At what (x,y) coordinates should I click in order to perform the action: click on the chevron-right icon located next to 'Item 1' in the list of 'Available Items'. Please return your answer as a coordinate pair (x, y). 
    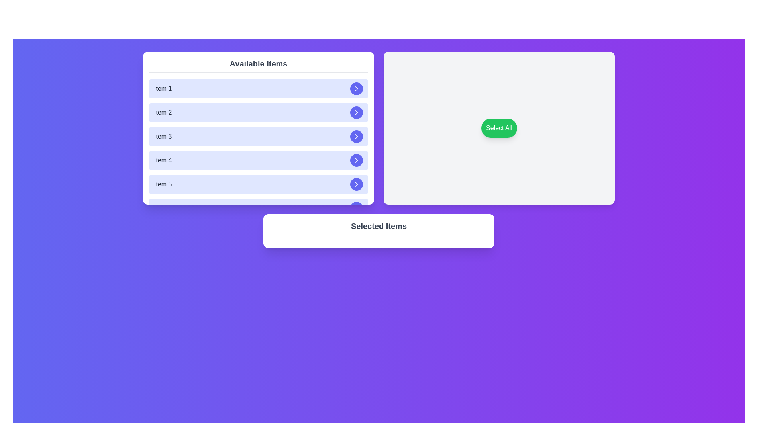
    Looking at the image, I should click on (356, 89).